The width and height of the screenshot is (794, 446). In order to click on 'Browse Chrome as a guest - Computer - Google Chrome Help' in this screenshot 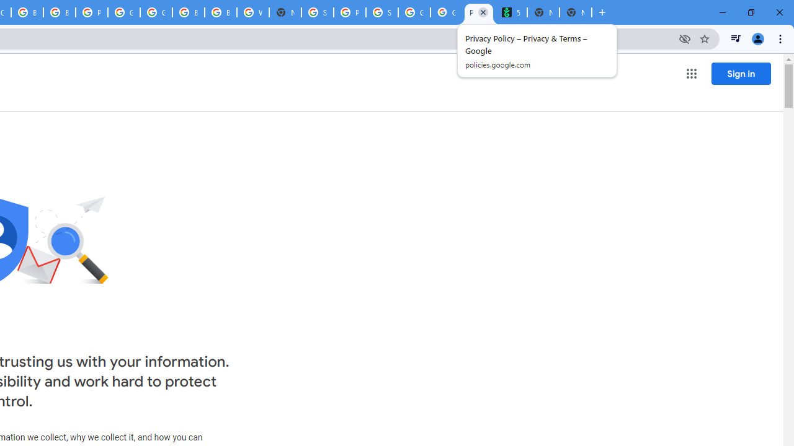, I will do `click(59, 12)`.